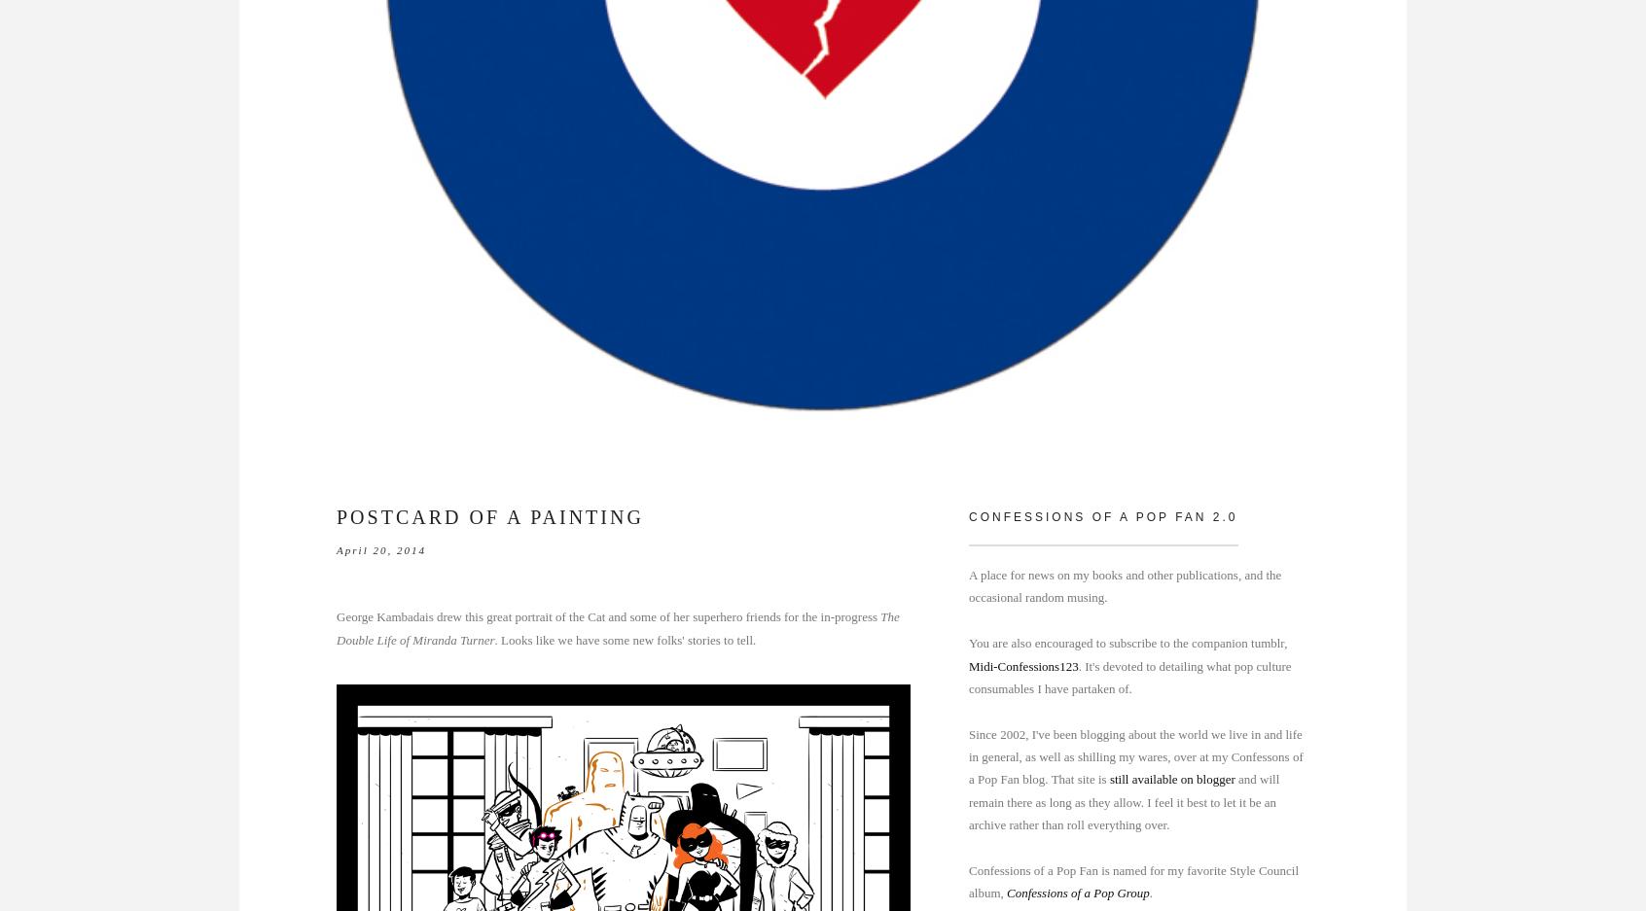 Image resolution: width=1646 pixels, height=911 pixels. What do you see at coordinates (1021, 664) in the screenshot?
I see `'Midi-Confessions123'` at bounding box center [1021, 664].